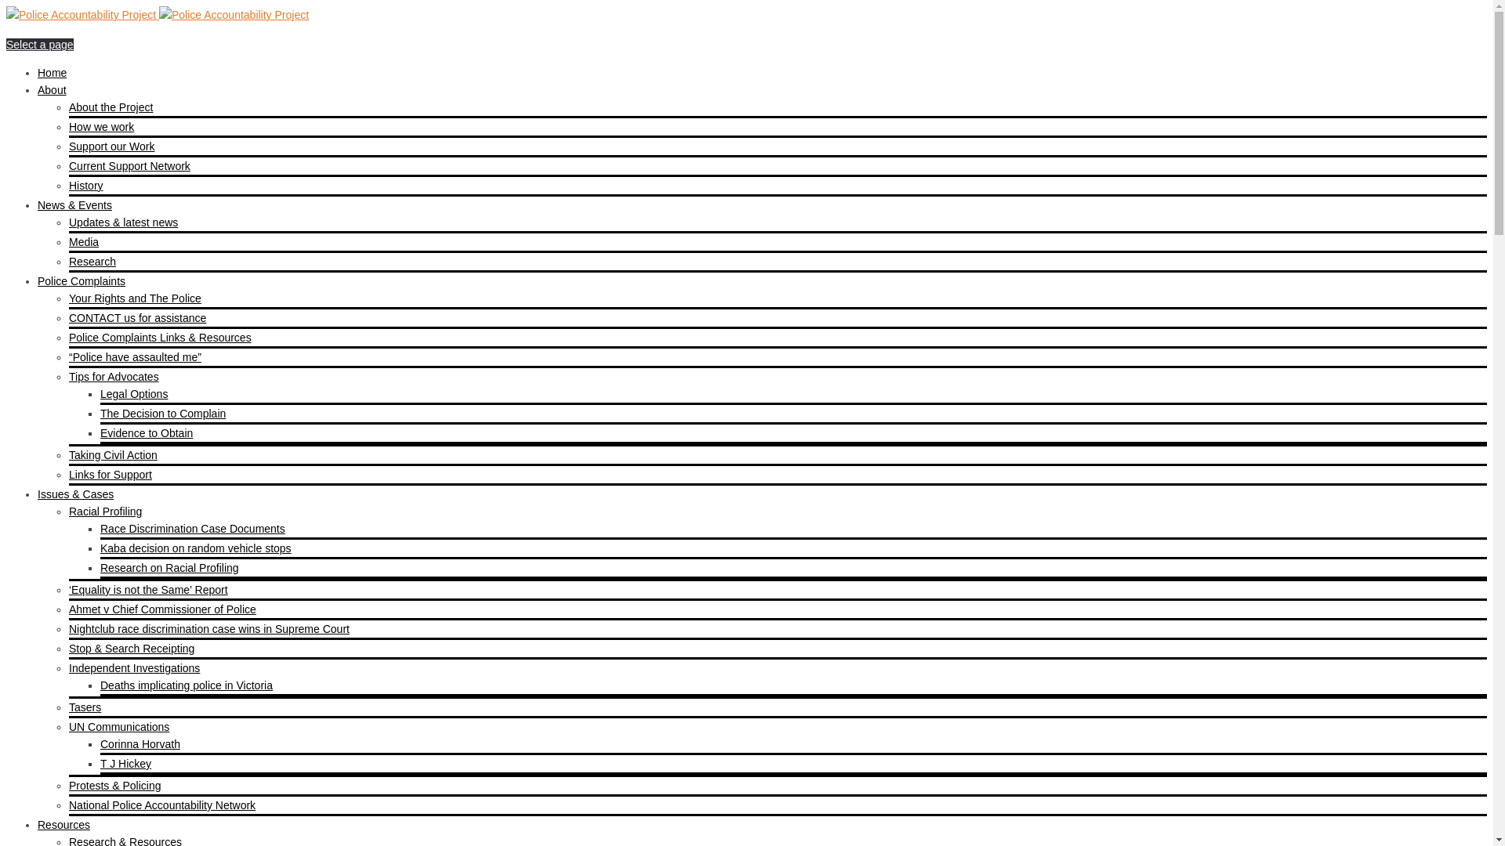  Describe the element at coordinates (118, 727) in the screenshot. I see `'UN Communications'` at that location.